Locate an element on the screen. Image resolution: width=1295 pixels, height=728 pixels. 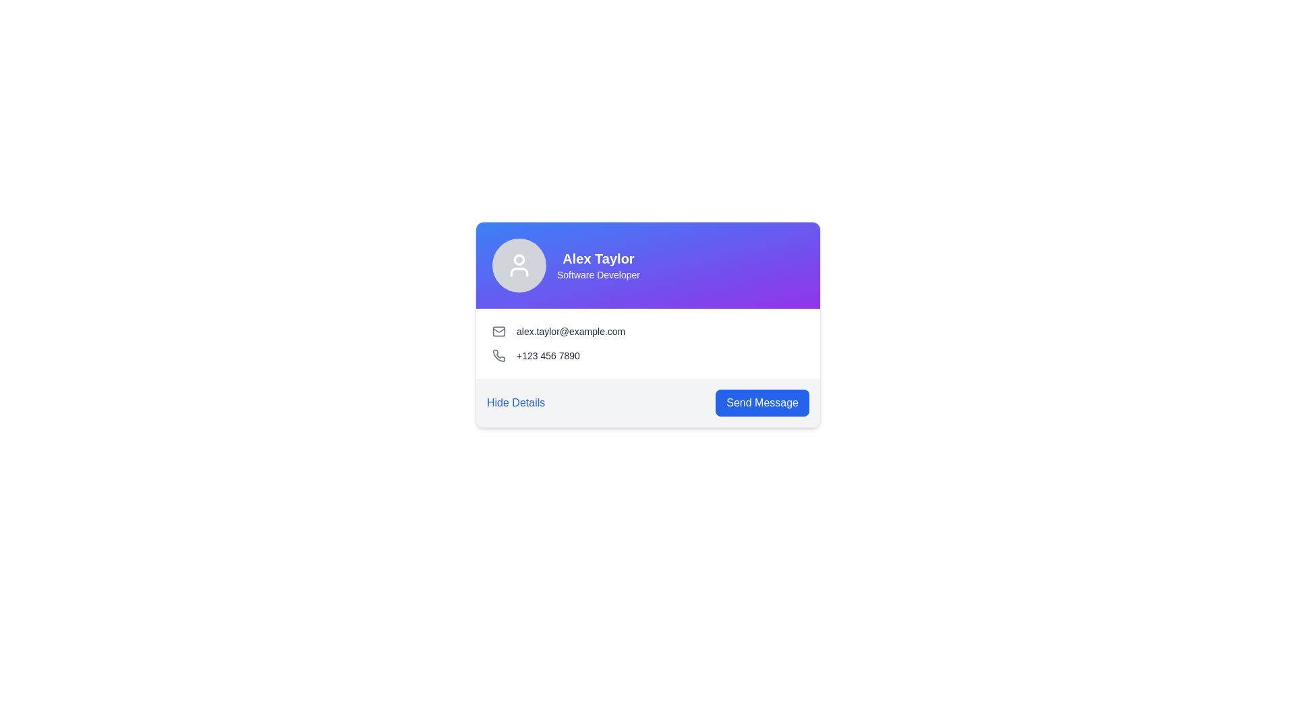
the Text Label displaying the email address 'alex.taylor@example.com', which is styled with a smaller font and located adjacent to an envelope icon is located at coordinates (571, 332).